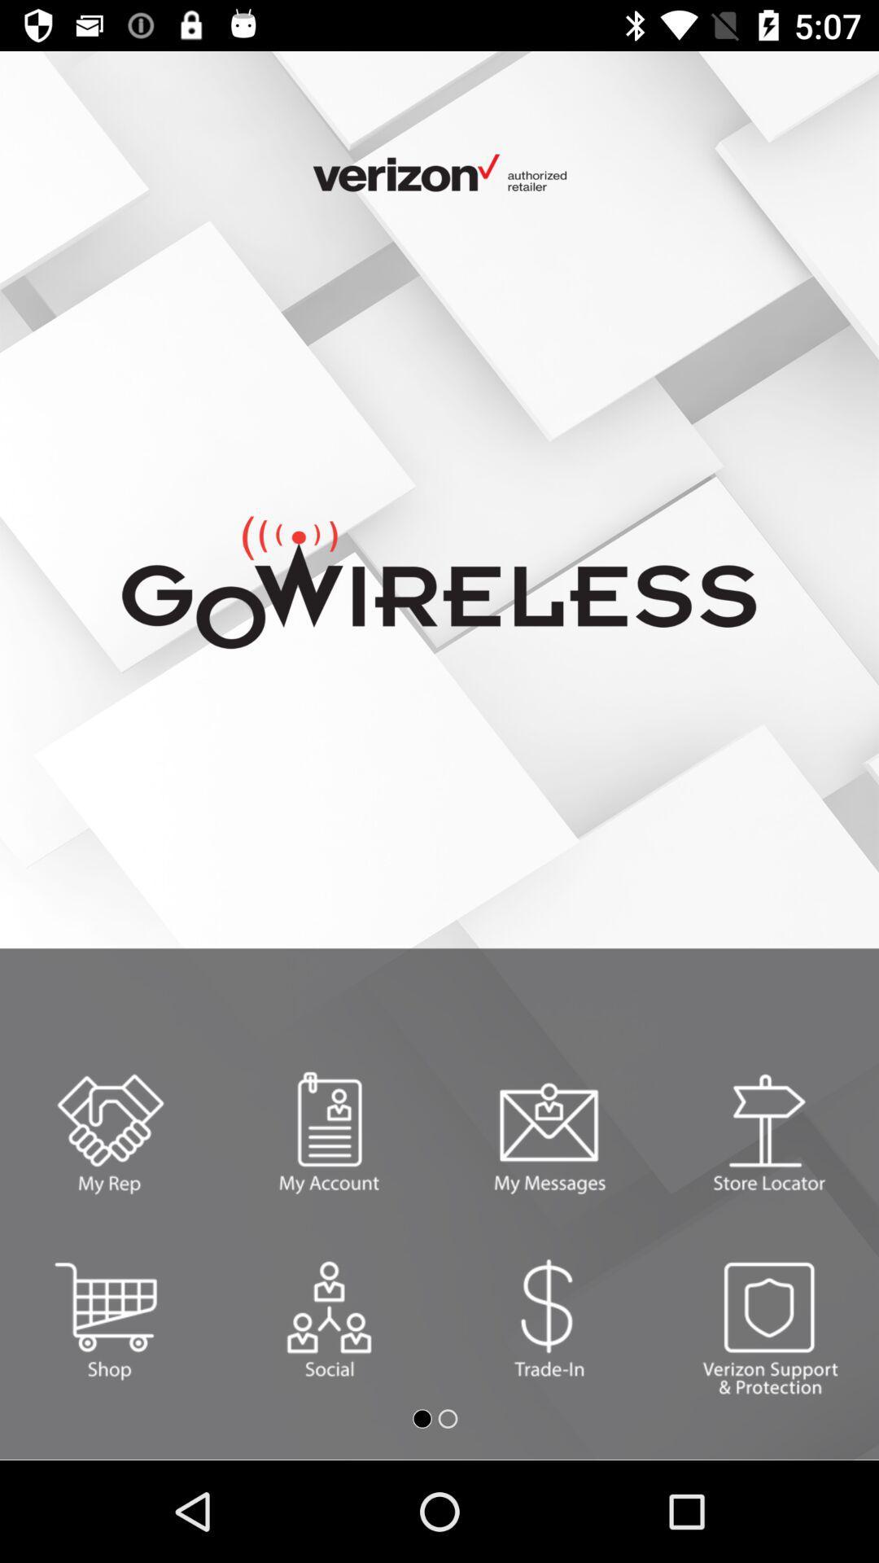 The image size is (879, 1563). What do you see at coordinates (769, 1132) in the screenshot?
I see `select/search for a store` at bounding box center [769, 1132].